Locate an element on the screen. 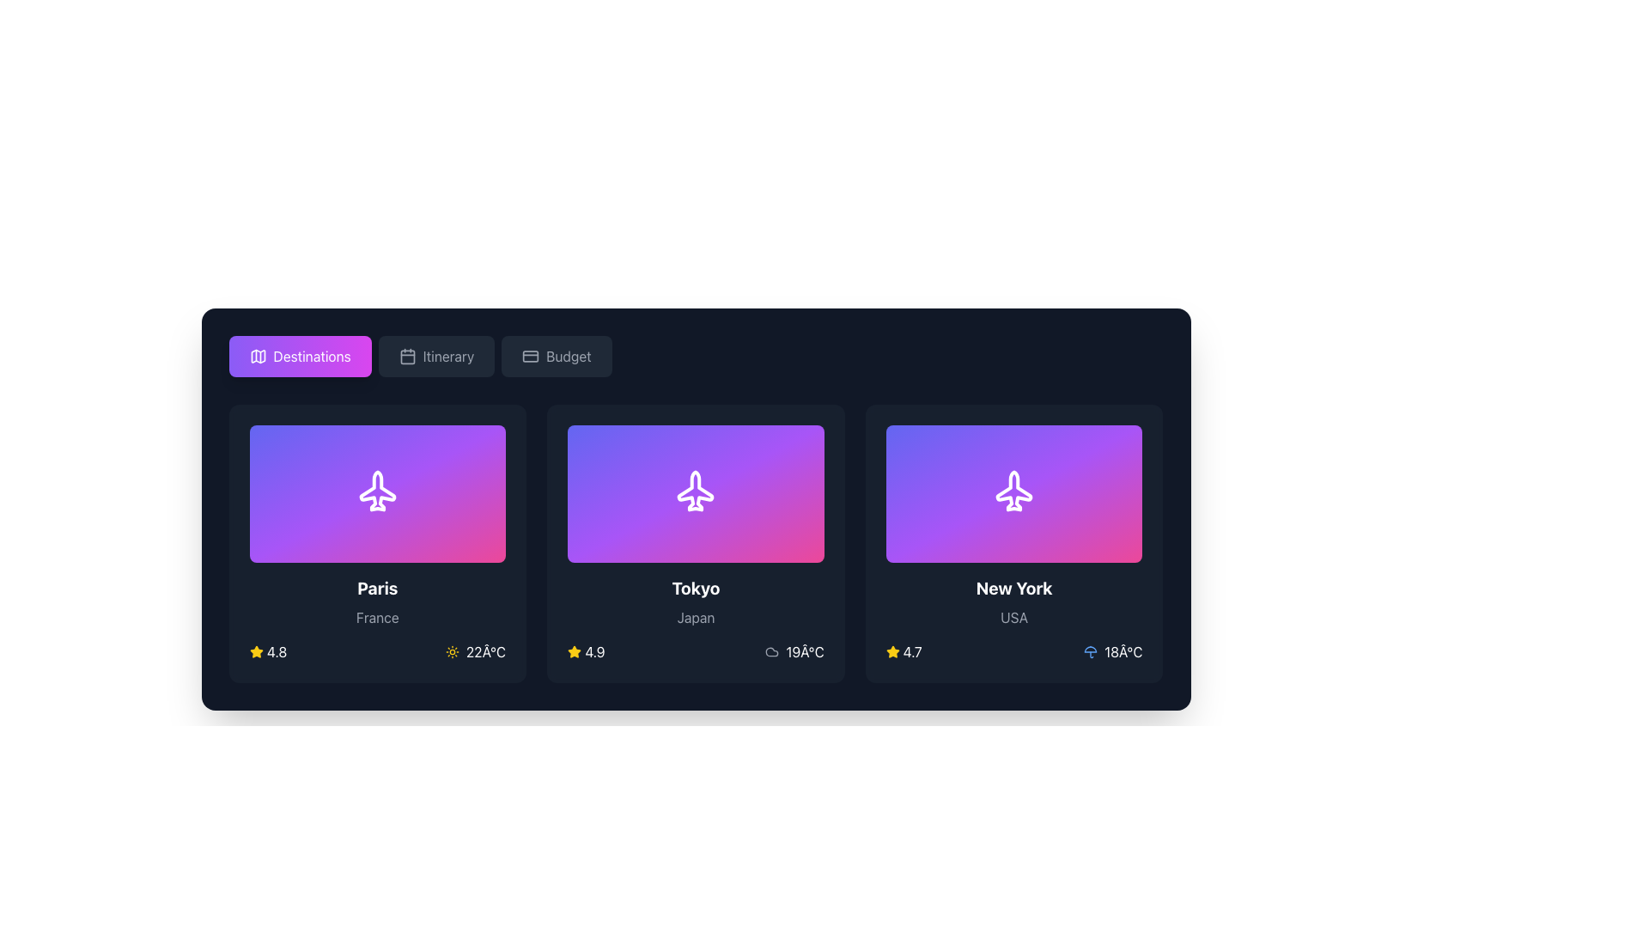 This screenshot has height=928, width=1649. the 'Destinations' button, which is the first button in a row of three, featuring a gradient background, a map icon, and white text is located at coordinates (300, 356).